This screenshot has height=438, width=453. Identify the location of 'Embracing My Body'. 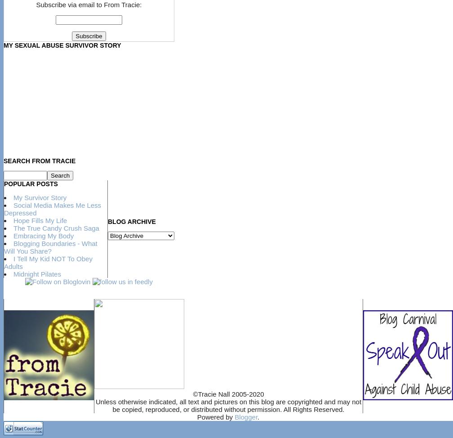
(43, 235).